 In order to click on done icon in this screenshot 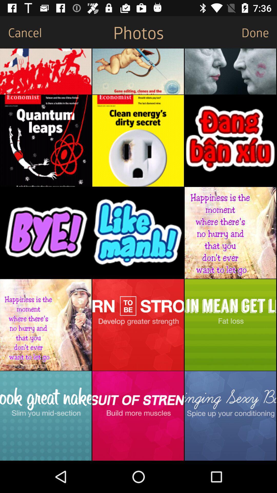, I will do `click(259, 32)`.